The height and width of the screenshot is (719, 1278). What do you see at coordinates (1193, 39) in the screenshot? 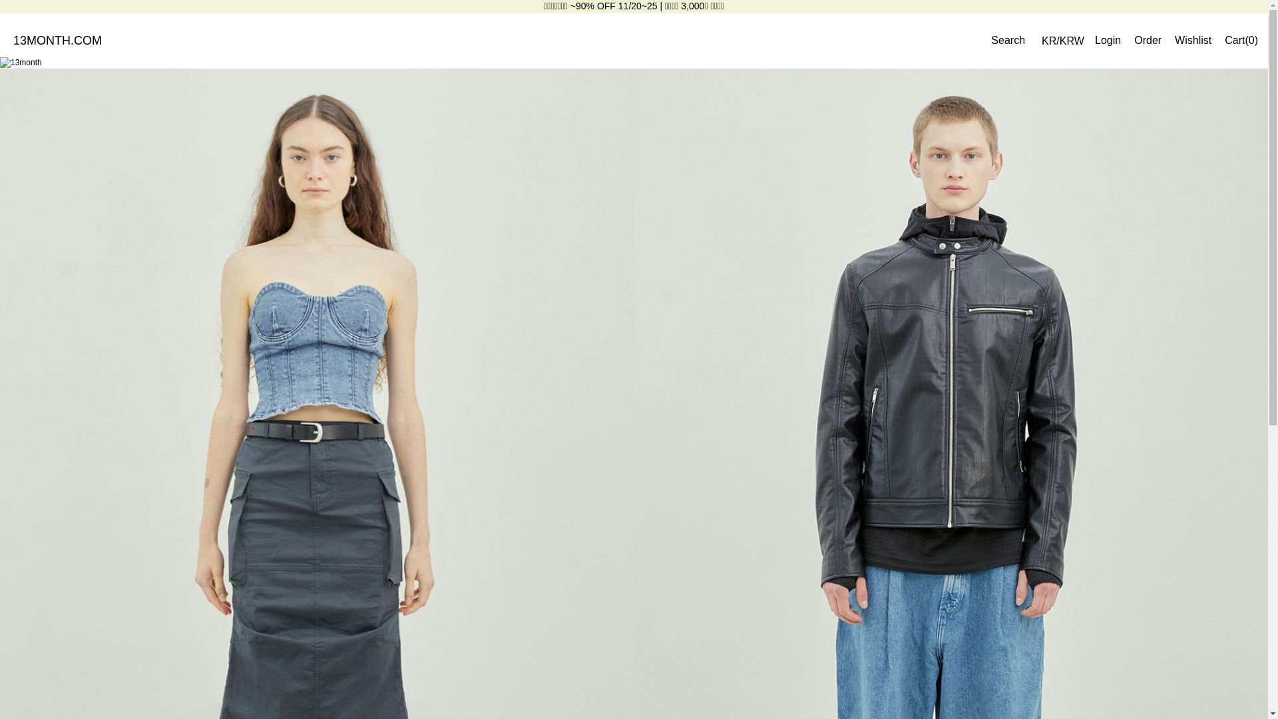
I see `'Wishlist'` at bounding box center [1193, 39].